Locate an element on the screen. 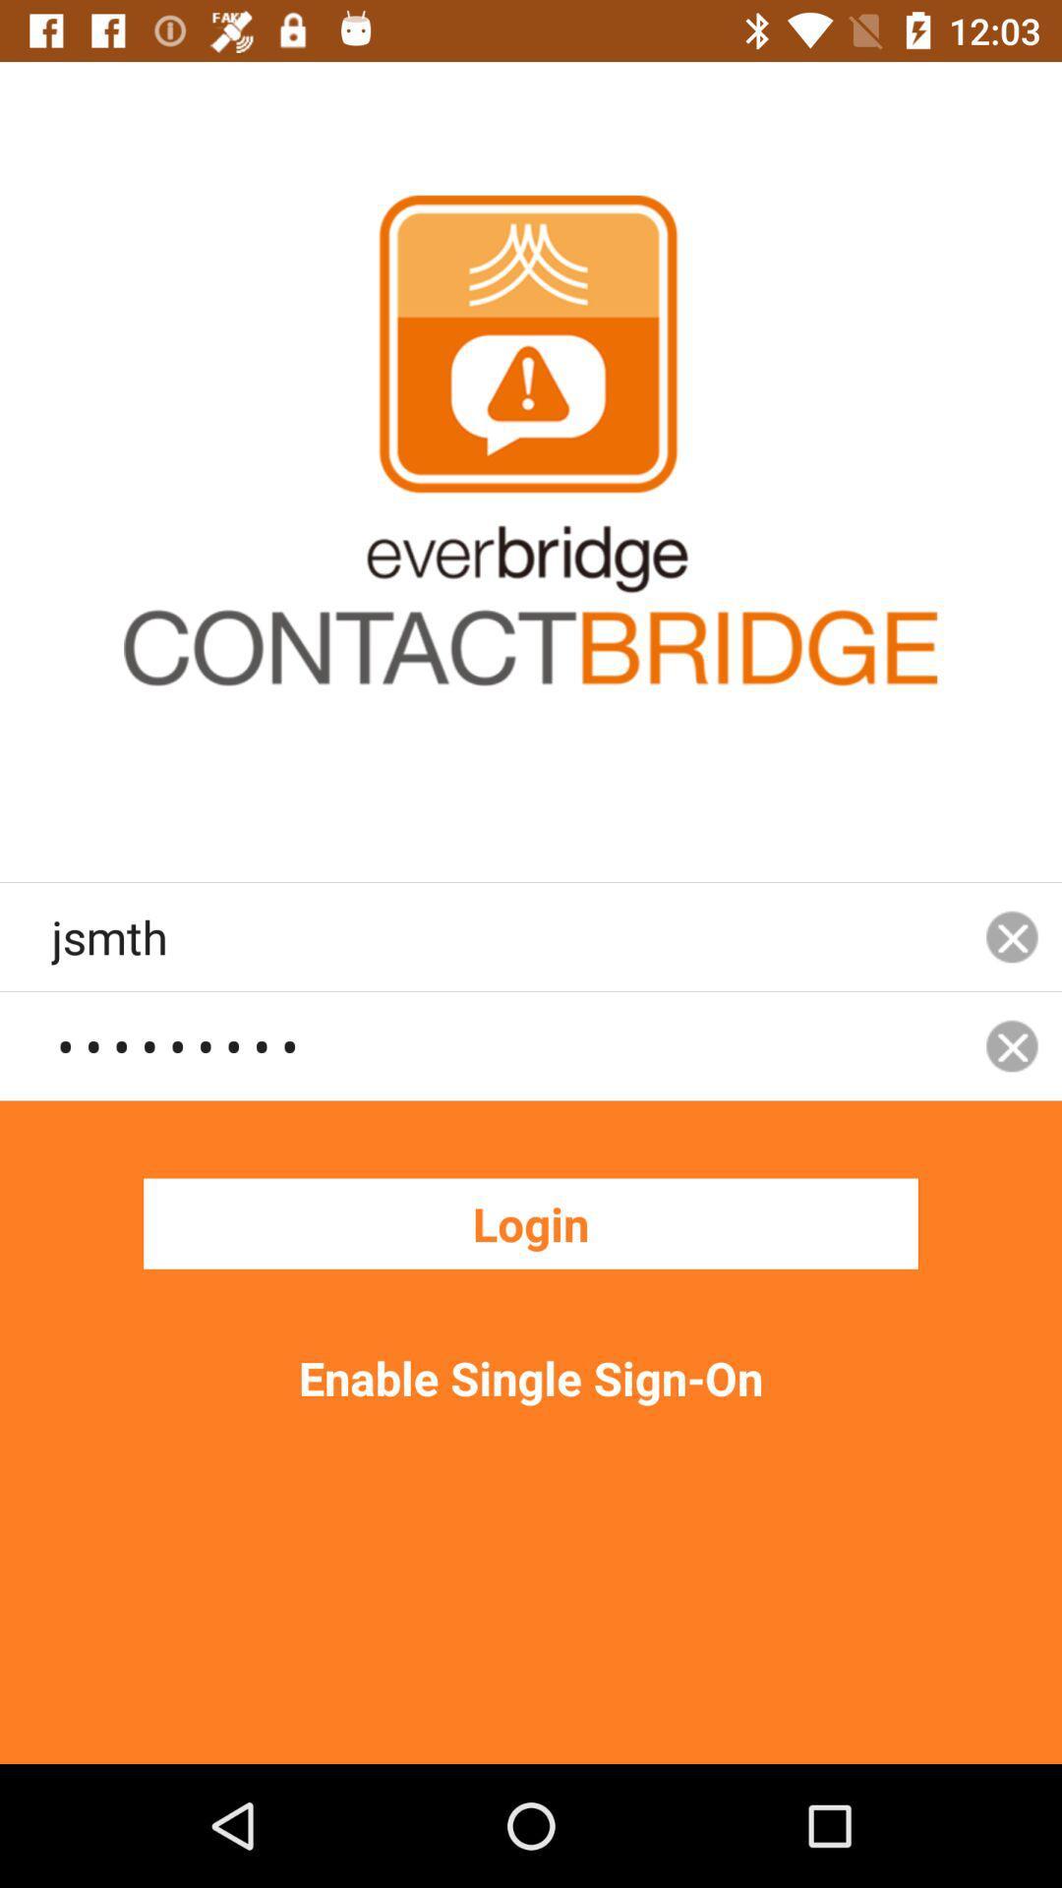 This screenshot has height=1888, width=1062. the login item is located at coordinates (531, 1222).